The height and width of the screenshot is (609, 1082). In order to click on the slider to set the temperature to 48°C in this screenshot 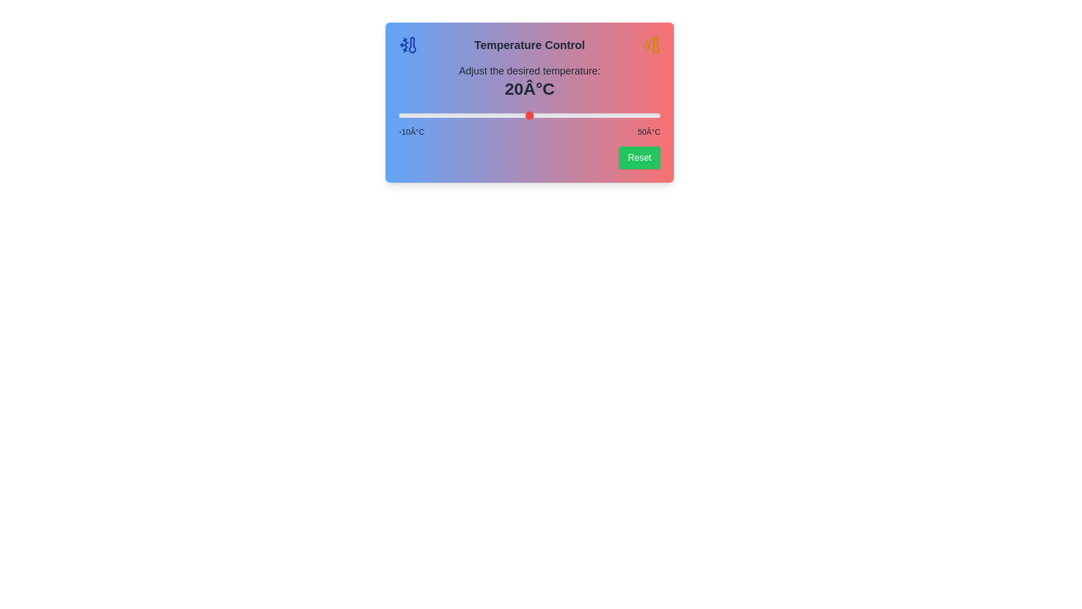, I will do `click(651, 115)`.